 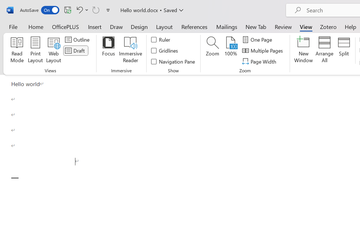 What do you see at coordinates (231, 50) in the screenshot?
I see `'100%'` at bounding box center [231, 50].